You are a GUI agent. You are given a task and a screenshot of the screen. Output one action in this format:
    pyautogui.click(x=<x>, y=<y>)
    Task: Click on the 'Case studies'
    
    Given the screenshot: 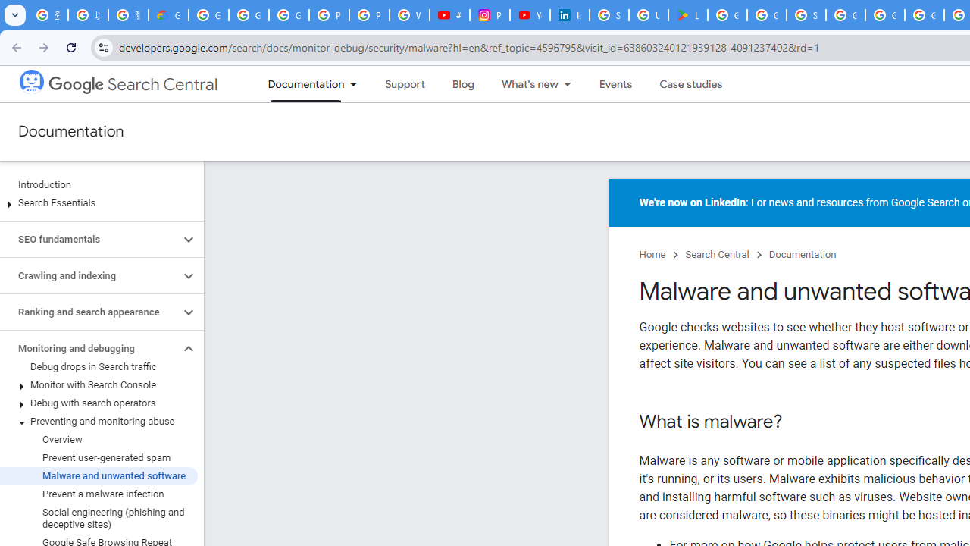 What is the action you would take?
    pyautogui.click(x=690, y=84)
    